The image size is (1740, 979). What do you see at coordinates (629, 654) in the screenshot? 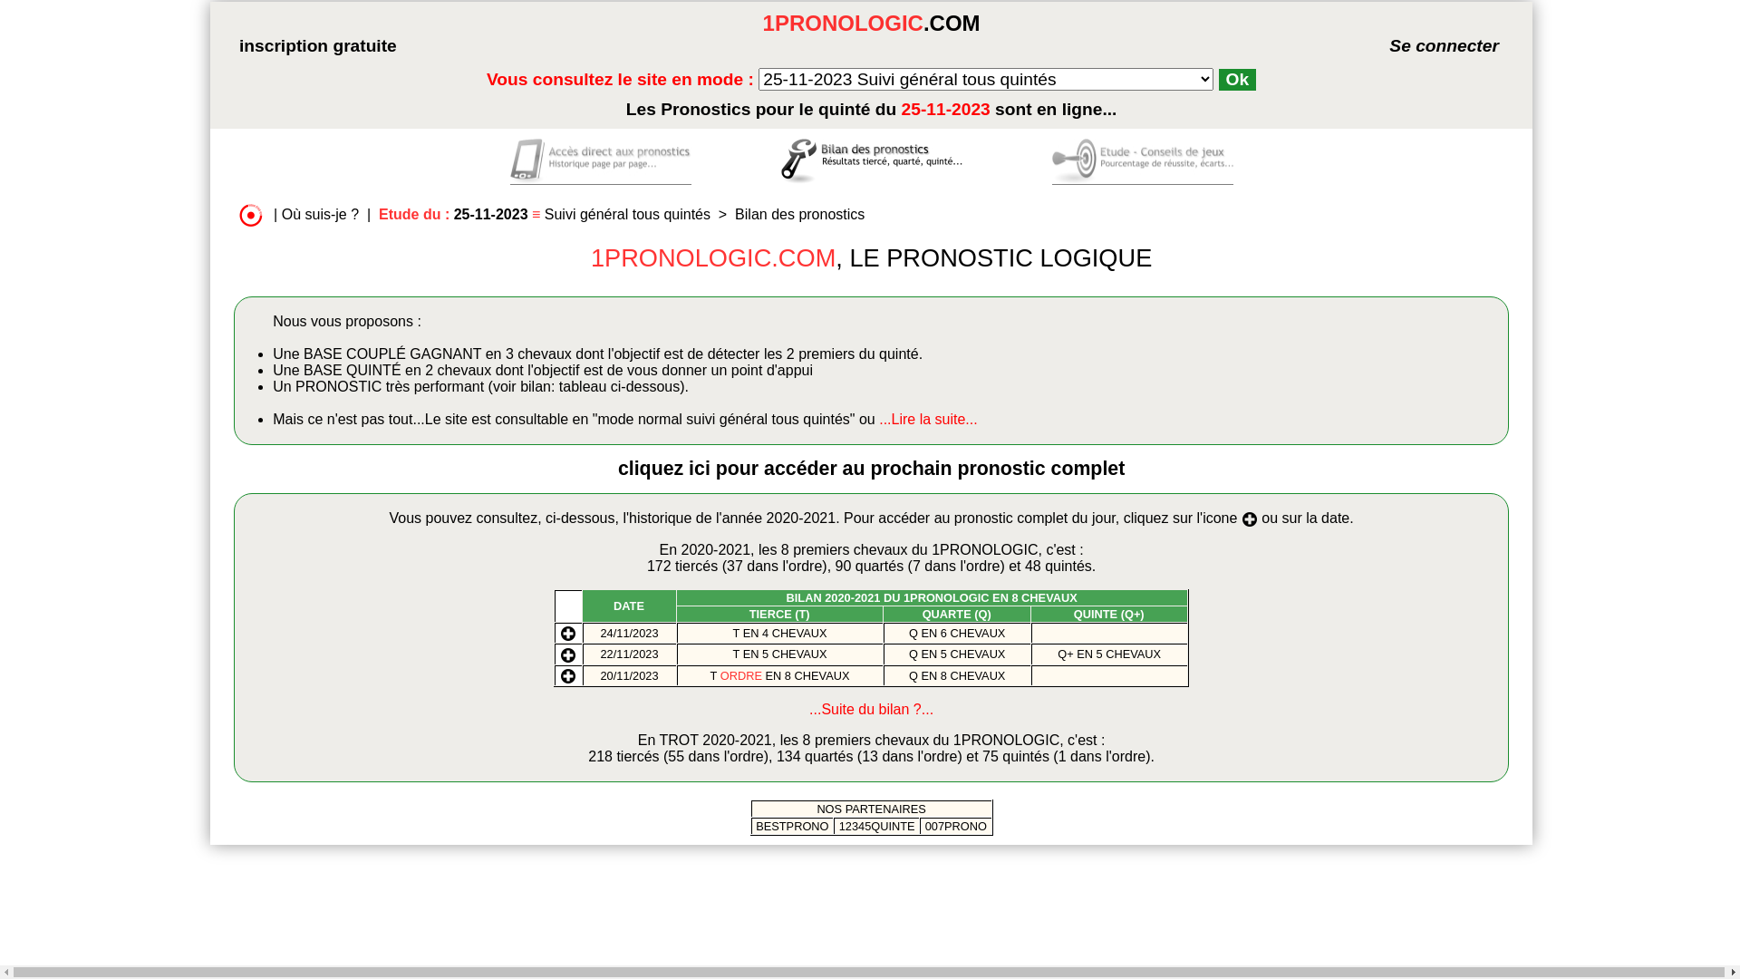
I see `' 22/11/2023 '` at bounding box center [629, 654].